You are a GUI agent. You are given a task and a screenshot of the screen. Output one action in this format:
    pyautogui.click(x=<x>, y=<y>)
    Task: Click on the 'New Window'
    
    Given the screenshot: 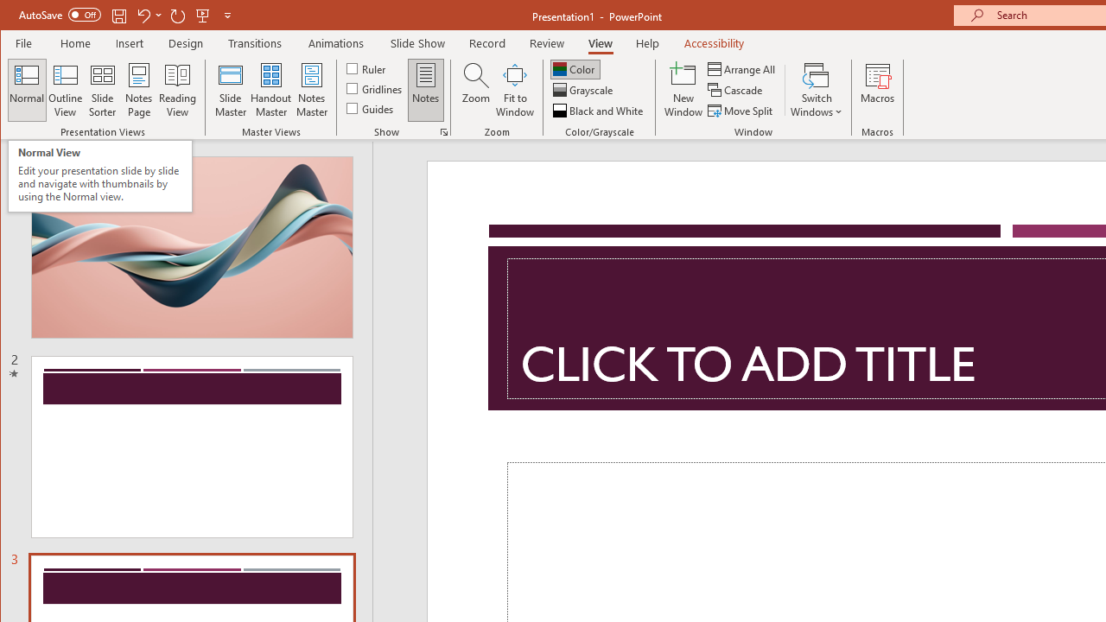 What is the action you would take?
    pyautogui.click(x=683, y=90)
    